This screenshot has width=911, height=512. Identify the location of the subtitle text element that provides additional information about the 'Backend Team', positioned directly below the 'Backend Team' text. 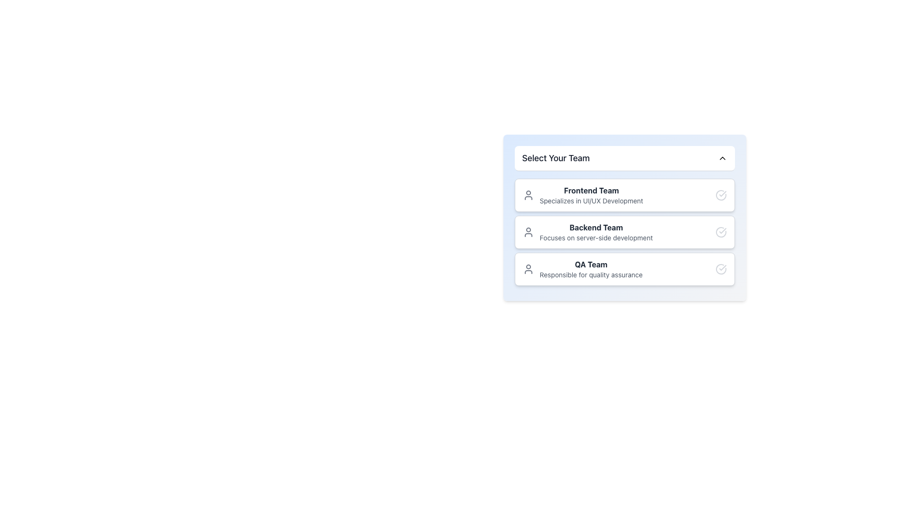
(595, 237).